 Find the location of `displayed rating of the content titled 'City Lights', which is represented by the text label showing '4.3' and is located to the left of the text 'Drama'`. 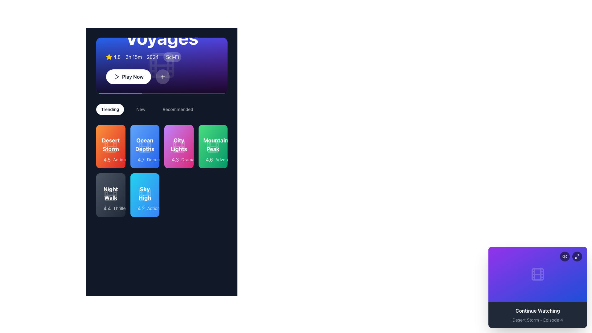

displayed rating of the content titled 'City Lights', which is represented by the text label showing '4.3' and is located to the left of the text 'Drama' is located at coordinates (175, 159).